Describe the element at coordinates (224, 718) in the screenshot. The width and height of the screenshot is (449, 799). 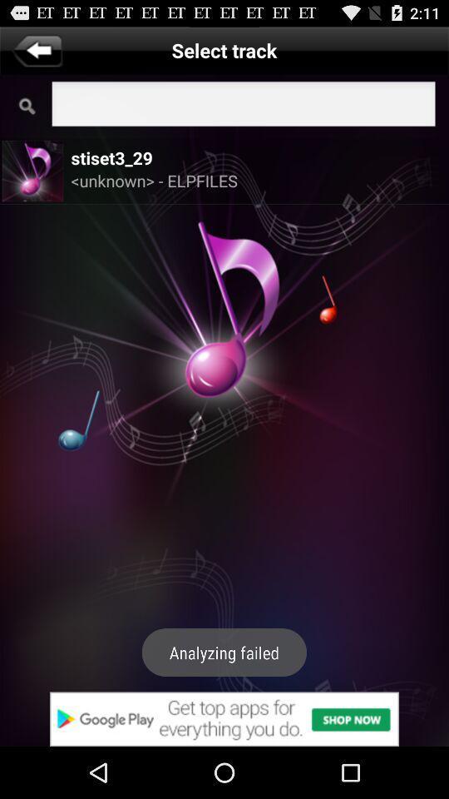
I see `advertisements website` at that location.